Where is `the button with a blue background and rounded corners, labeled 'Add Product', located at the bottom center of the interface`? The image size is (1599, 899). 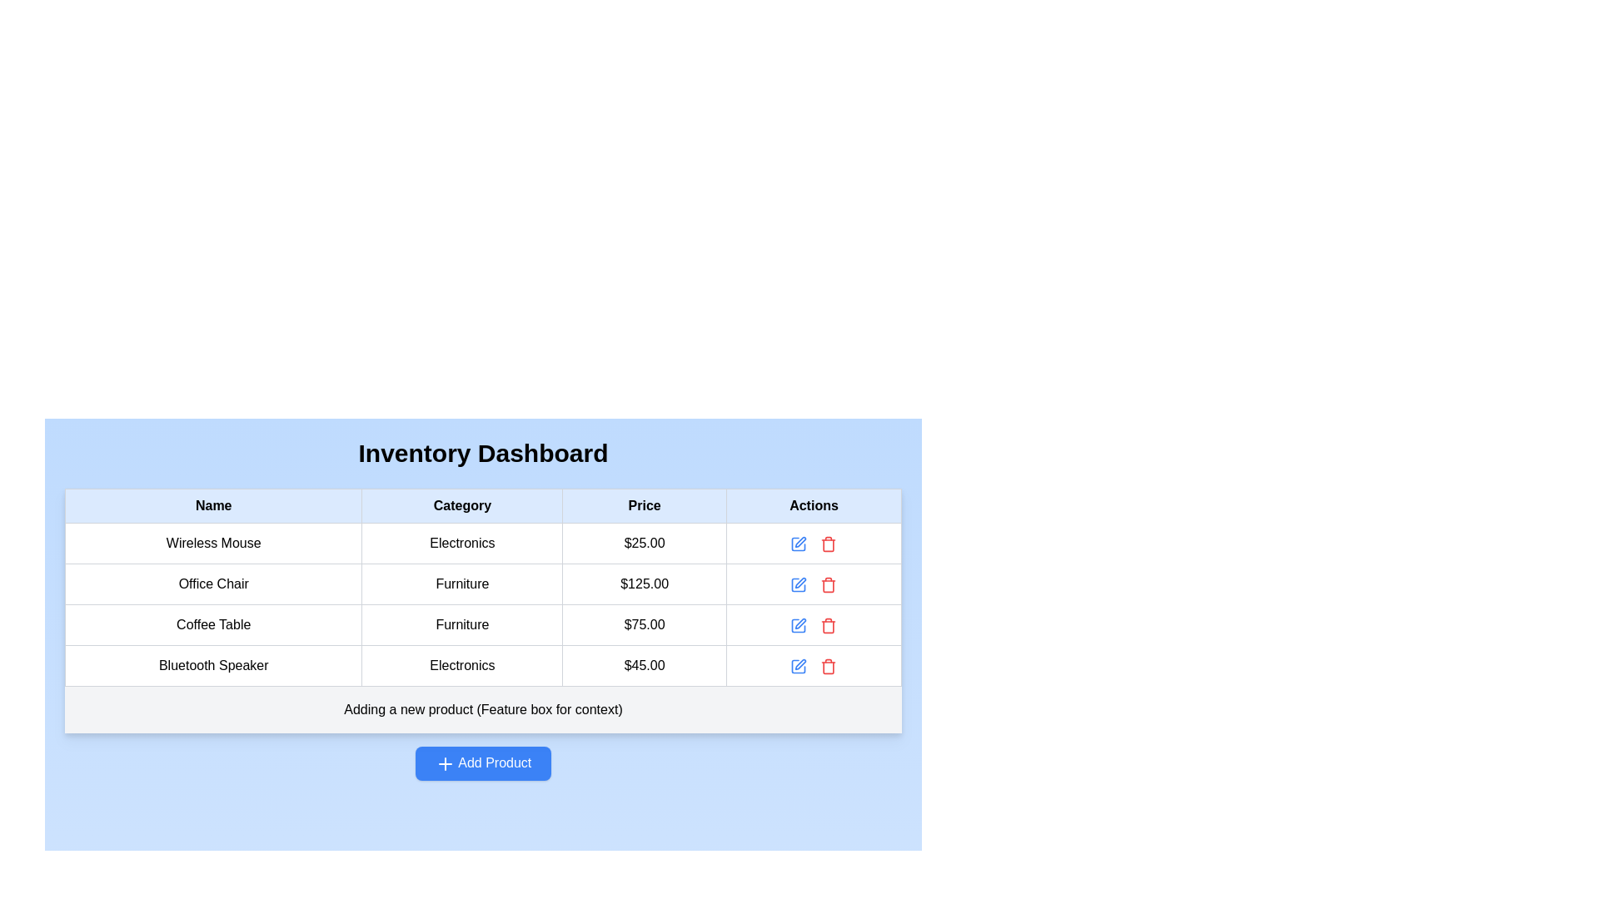
the button with a blue background and rounded corners, labeled 'Add Product', located at the bottom center of the interface is located at coordinates (482, 763).